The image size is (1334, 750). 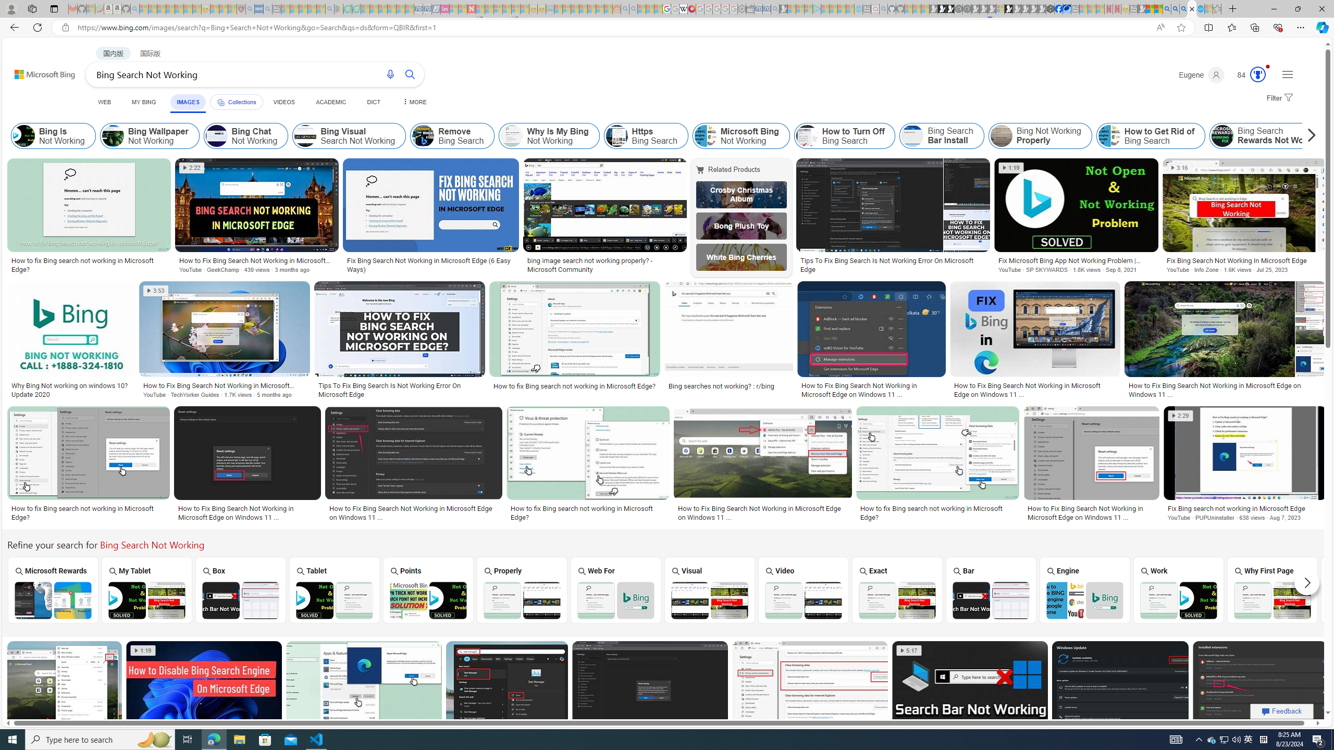 I want to click on 'Video', so click(x=803, y=589).